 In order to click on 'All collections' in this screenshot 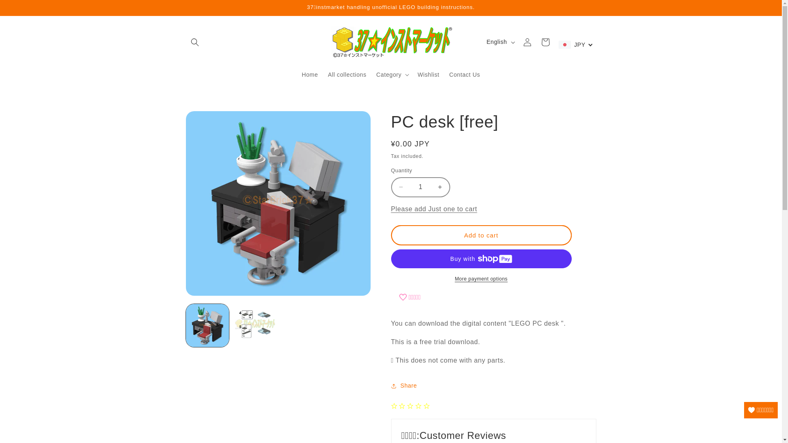, I will do `click(347, 74)`.